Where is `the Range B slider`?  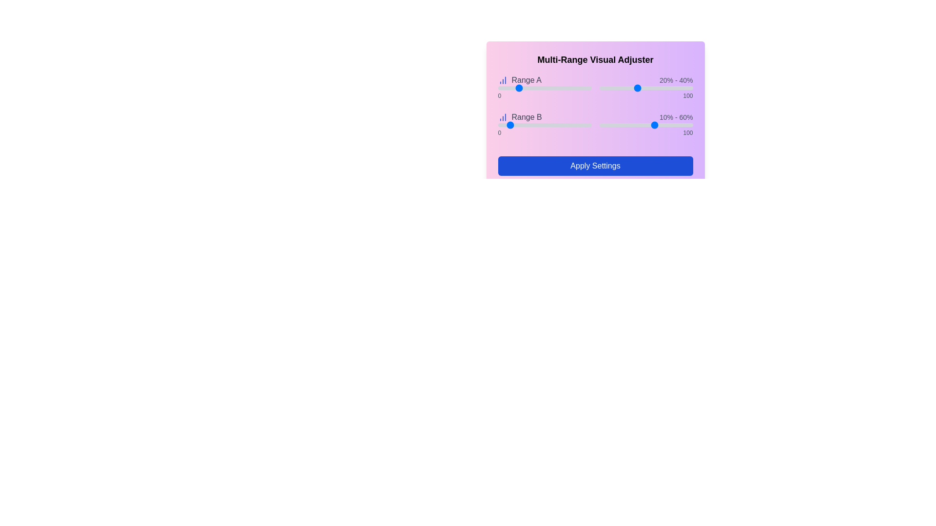 the Range B slider is located at coordinates (639, 125).